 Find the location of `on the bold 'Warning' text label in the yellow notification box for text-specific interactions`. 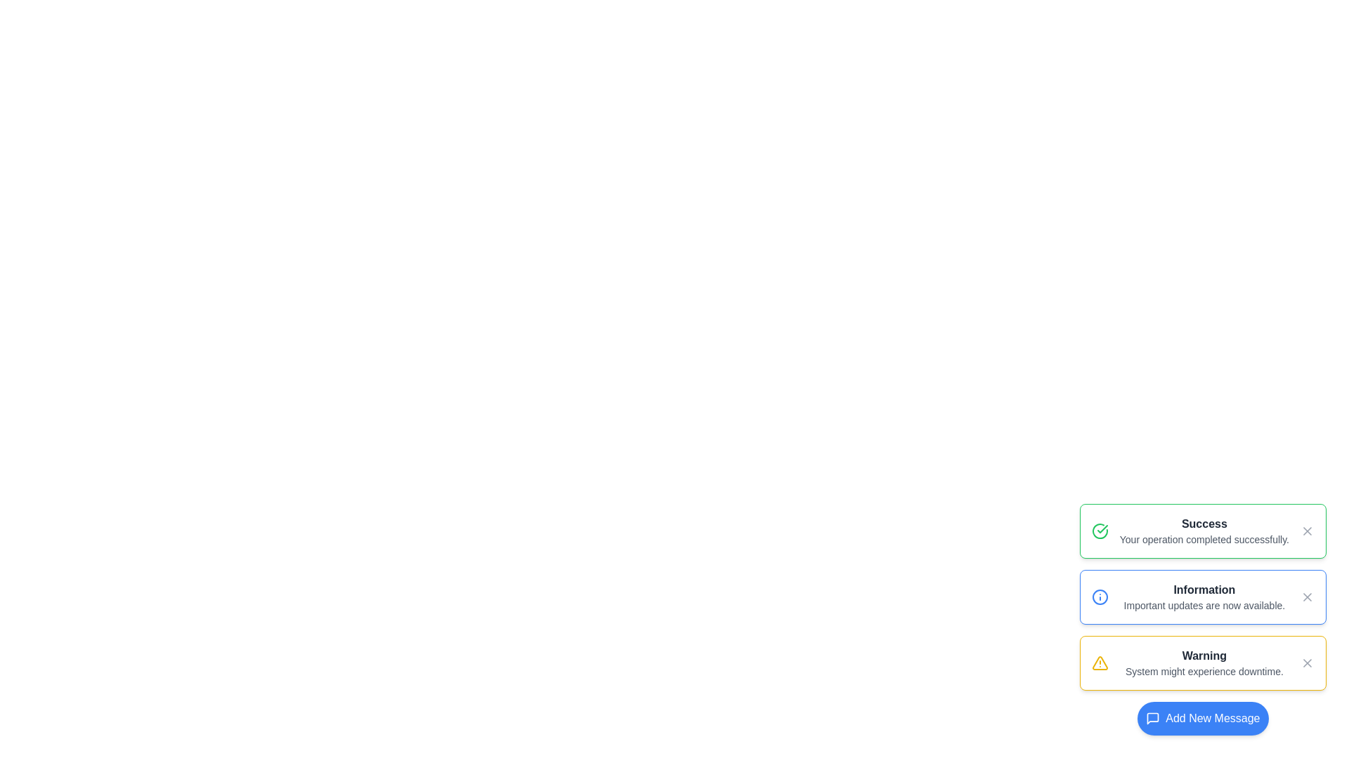

on the bold 'Warning' text label in the yellow notification box for text-specific interactions is located at coordinates (1204, 656).